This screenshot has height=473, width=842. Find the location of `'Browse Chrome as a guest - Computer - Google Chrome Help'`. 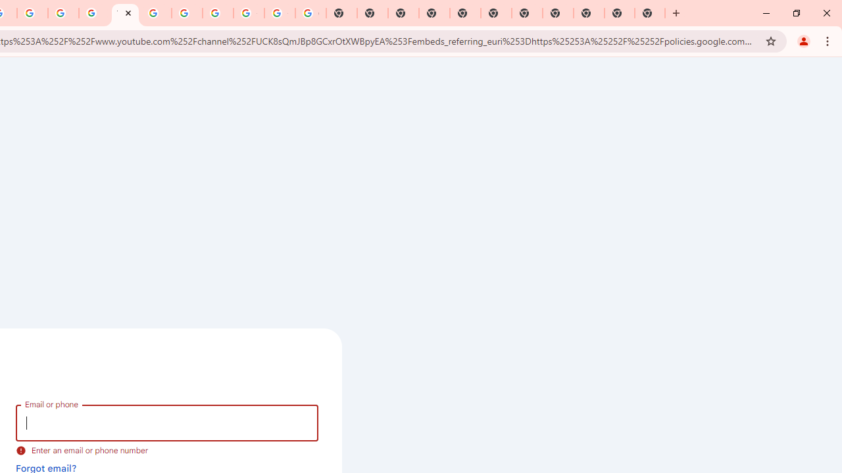

'Browse Chrome as a guest - Computer - Google Chrome Help' is located at coordinates (156, 13).